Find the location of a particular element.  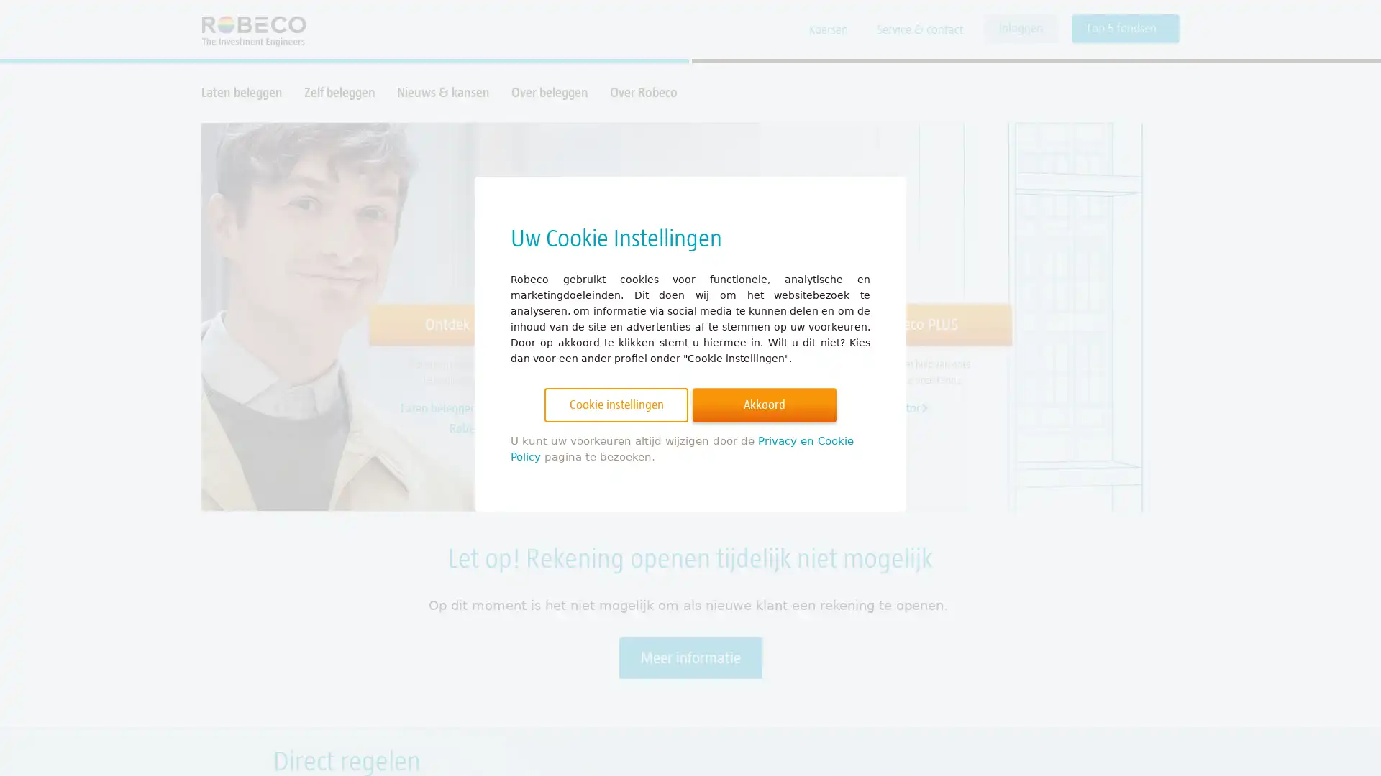

Over Robeco is located at coordinates (642, 92).